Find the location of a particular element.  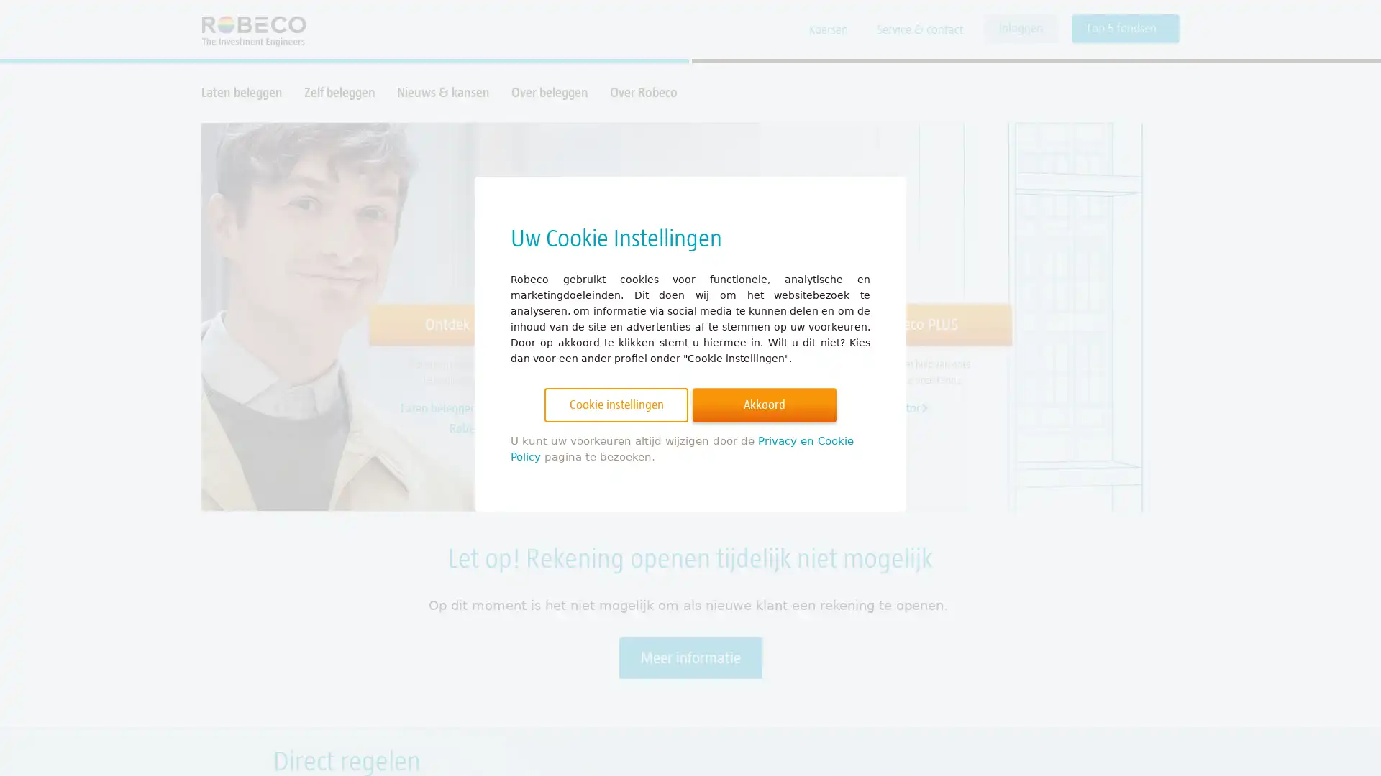

Over Robeco is located at coordinates (642, 92).